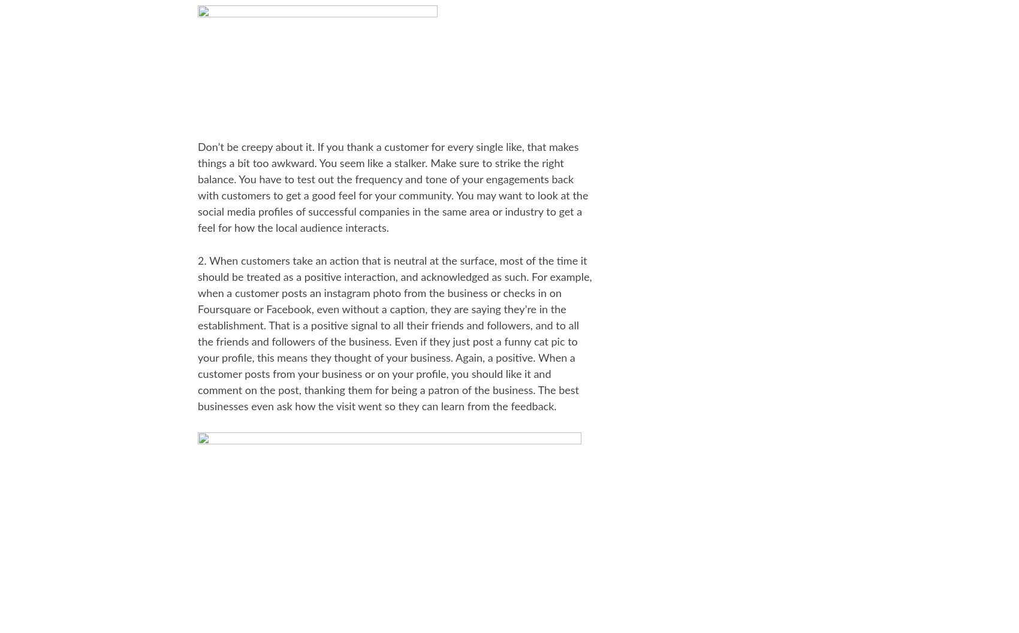  I want to click on 'Archive', so click(532, 423).